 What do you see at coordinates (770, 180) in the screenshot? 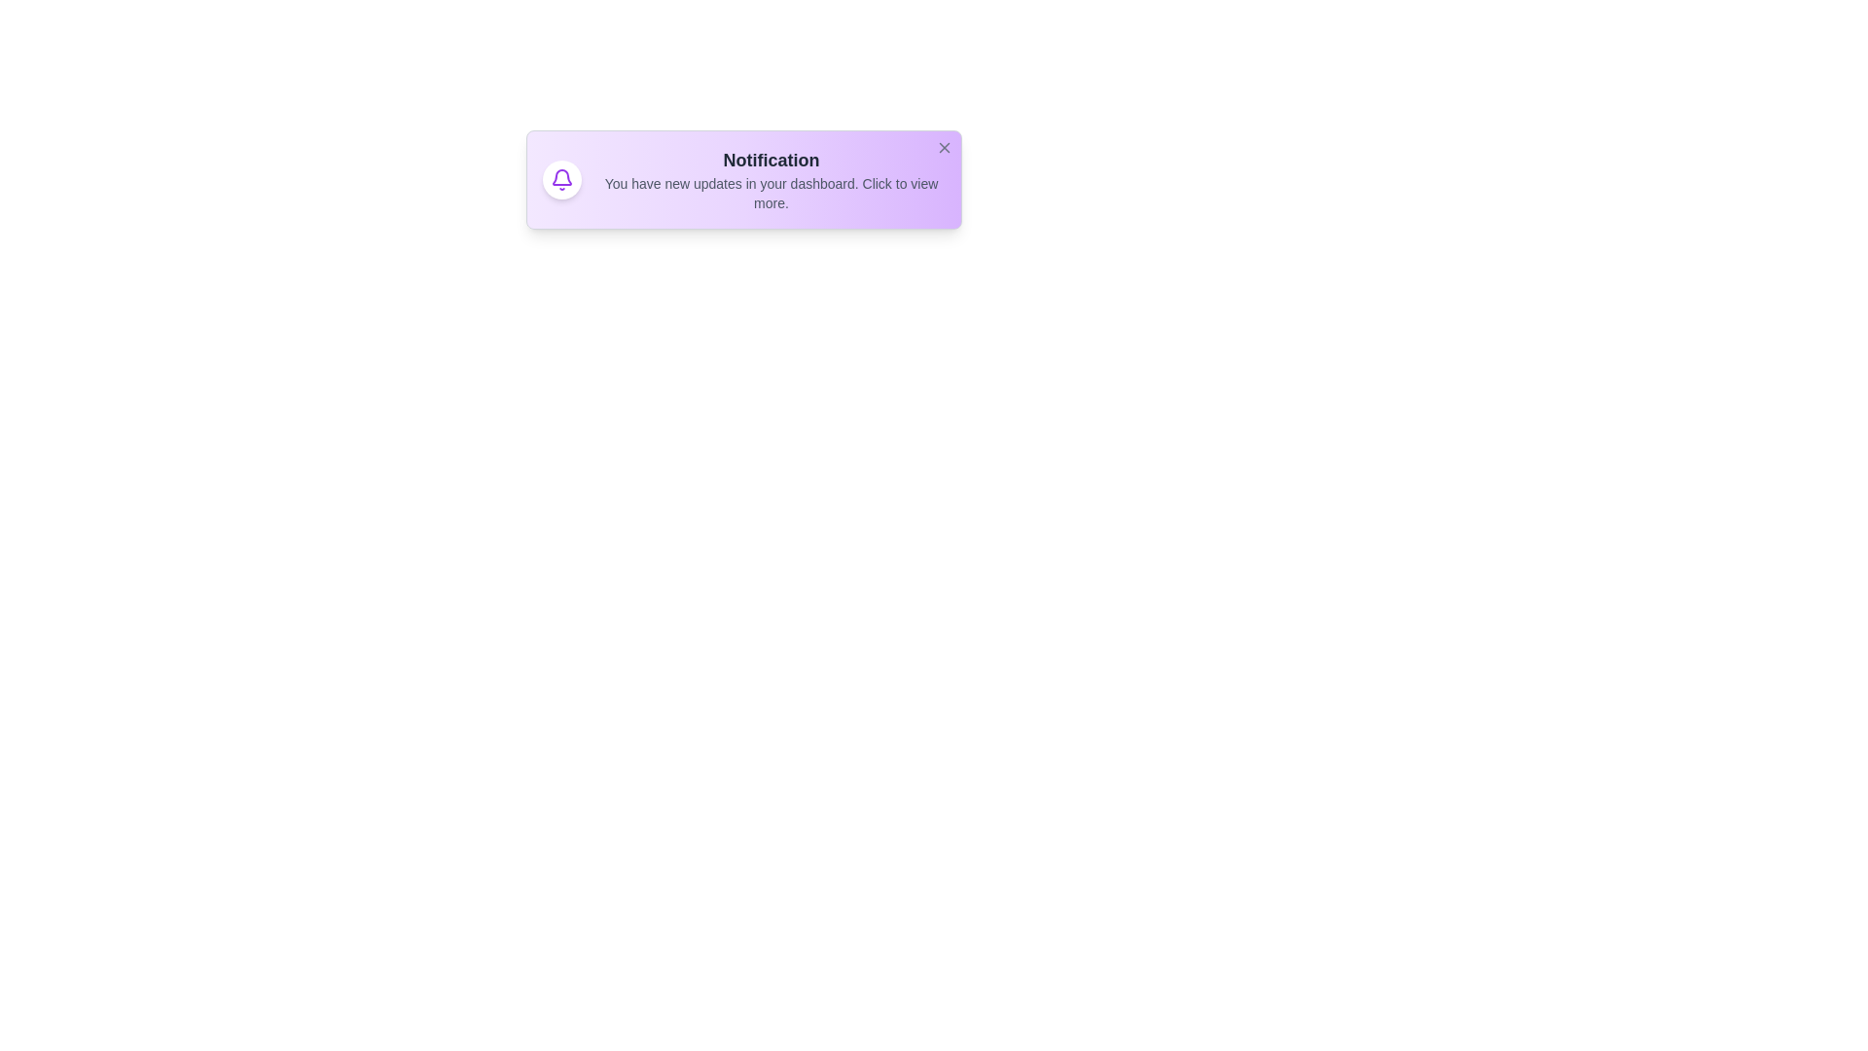
I see `the Text Group element that informs the user about new updates available in the dashboard, located within the main notification card to the right of the bell icon` at bounding box center [770, 180].